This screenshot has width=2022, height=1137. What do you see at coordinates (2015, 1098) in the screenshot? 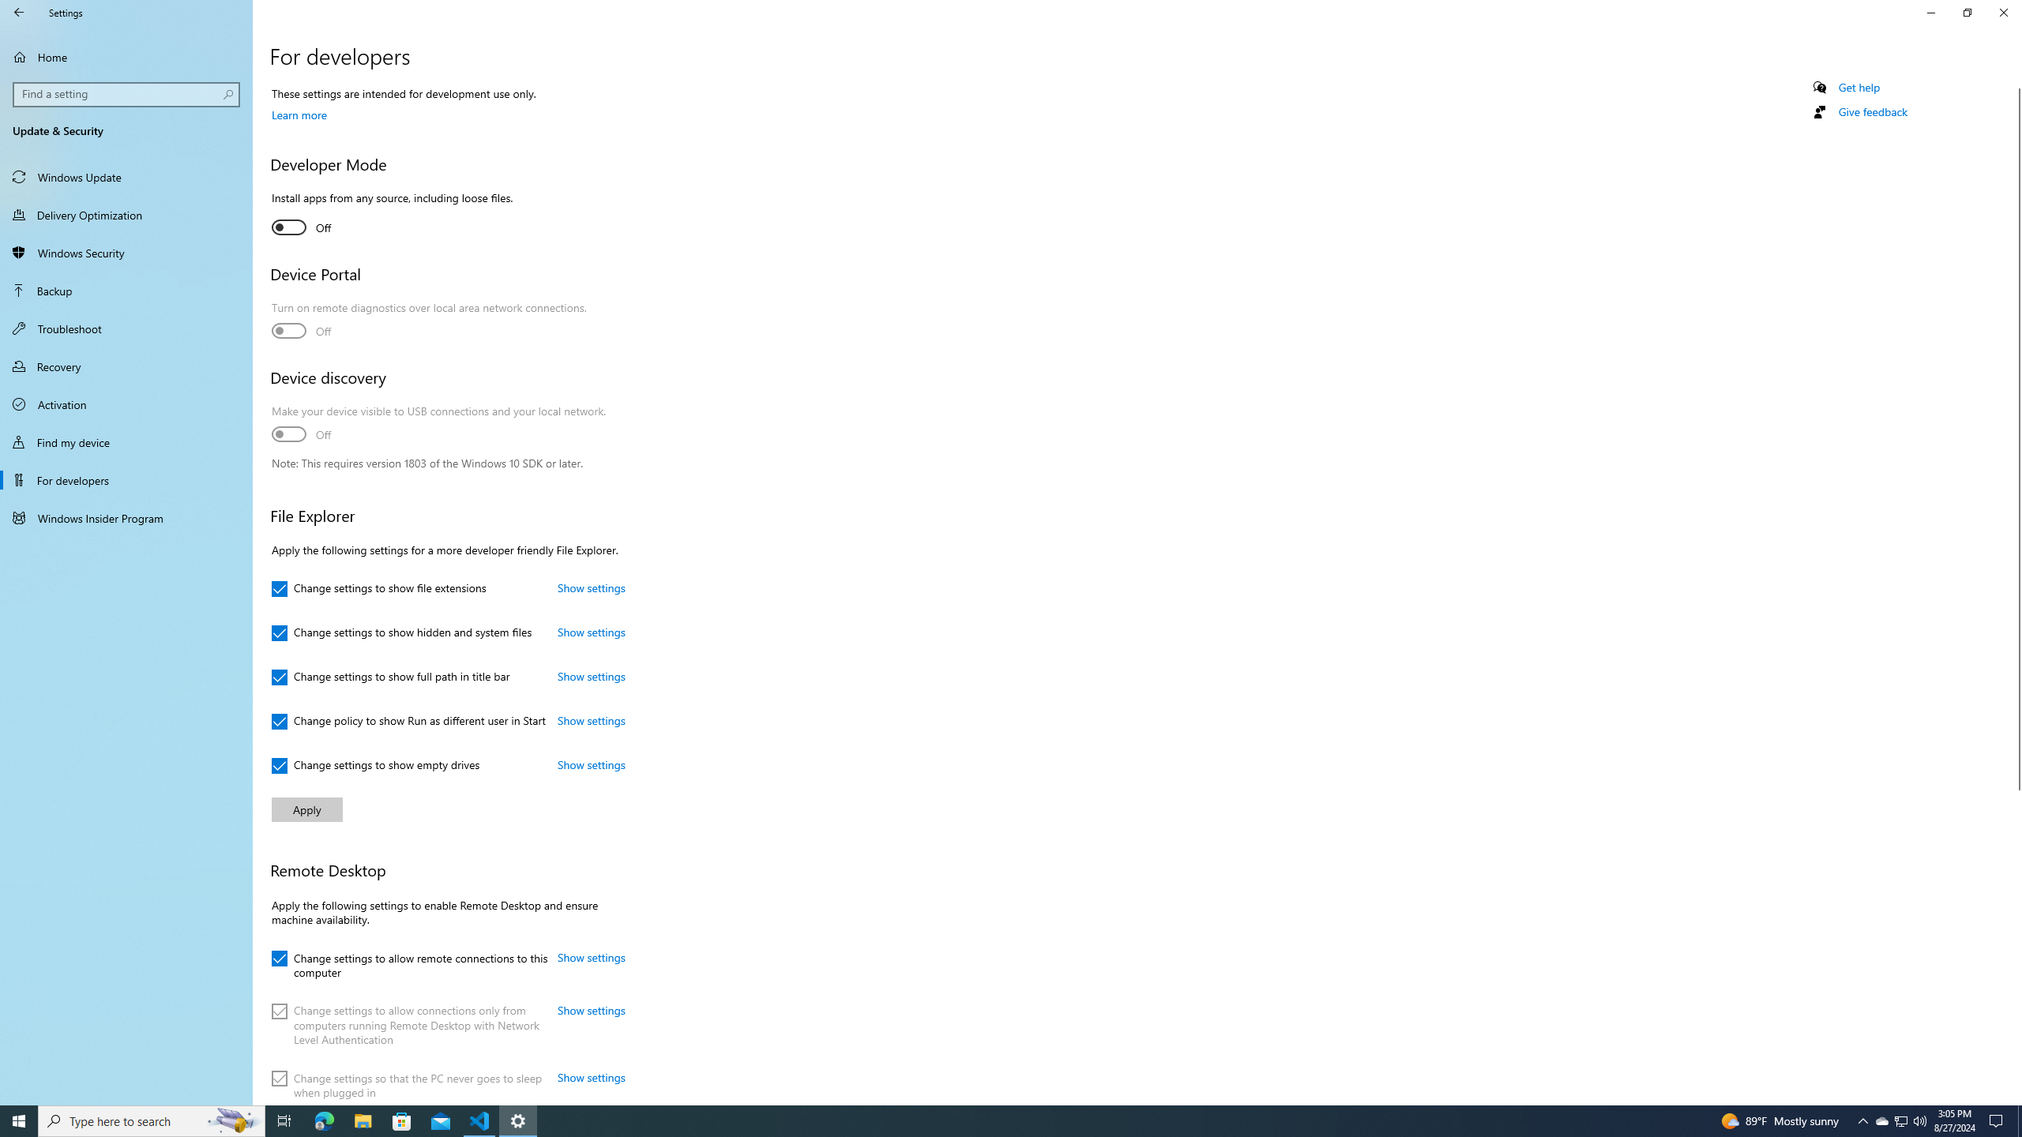
I see `'Vertical Small Increase'` at bounding box center [2015, 1098].